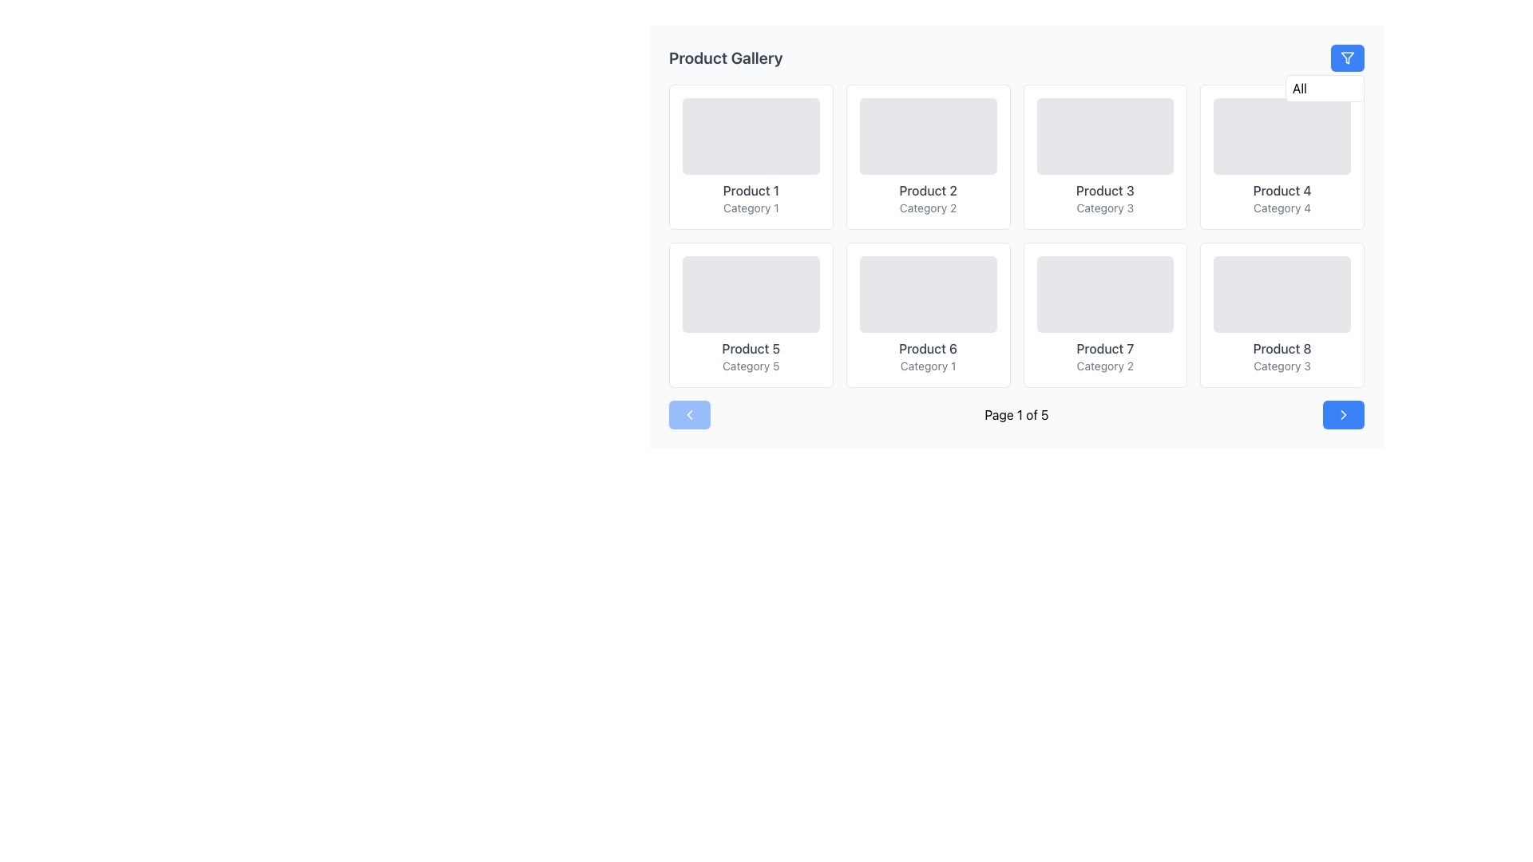  What do you see at coordinates (928, 208) in the screenshot?
I see `the static text label indicating the category of 'Product 2' located below the 'Product 2' text in the second cell of the grid layout within the 'Product Gallery' section` at bounding box center [928, 208].